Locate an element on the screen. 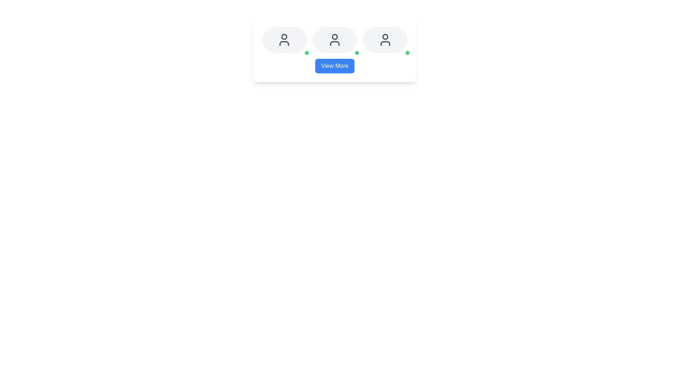 The height and width of the screenshot is (392, 698). the circular graphical component that represents the head of the first user icon in a row of three icons within a card-like component is located at coordinates (284, 37).